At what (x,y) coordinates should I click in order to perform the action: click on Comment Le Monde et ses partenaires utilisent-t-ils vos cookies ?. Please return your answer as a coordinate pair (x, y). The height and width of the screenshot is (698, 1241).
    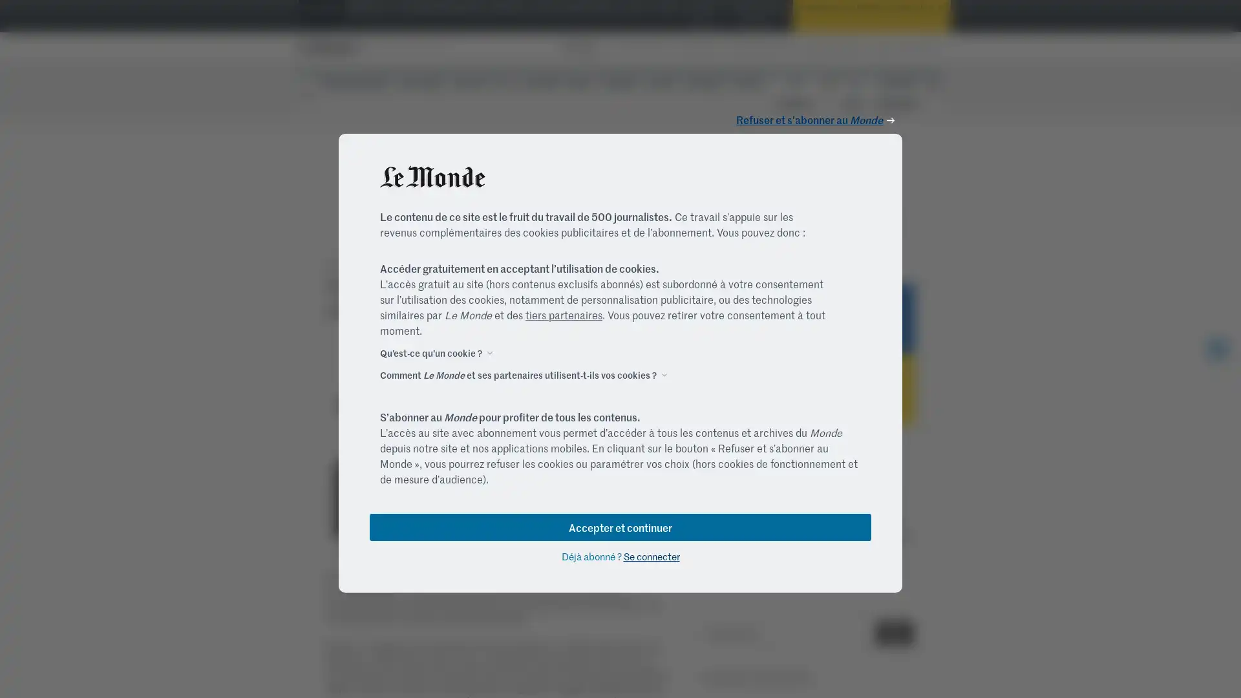
    Looking at the image, I should click on (518, 374).